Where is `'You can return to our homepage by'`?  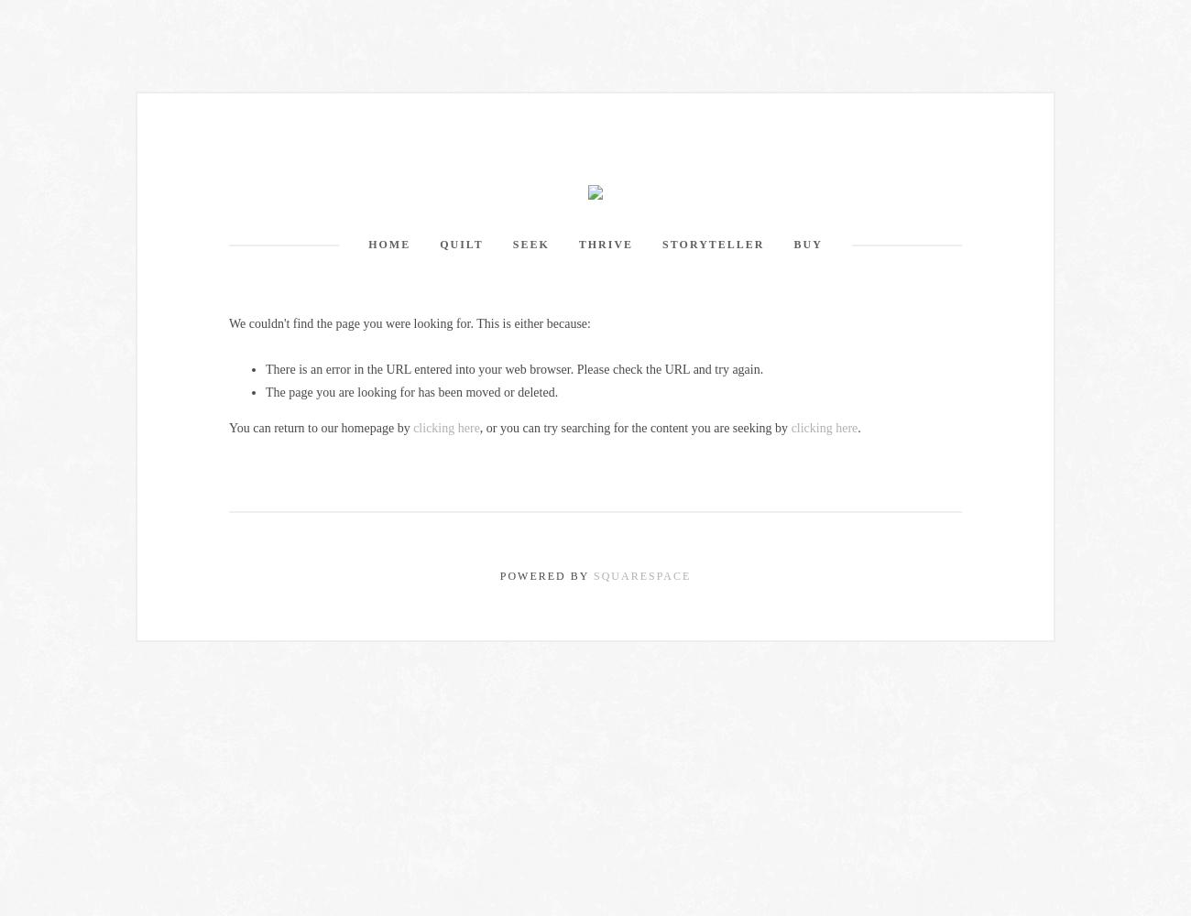
'You can return to our homepage by' is located at coordinates (320, 427).